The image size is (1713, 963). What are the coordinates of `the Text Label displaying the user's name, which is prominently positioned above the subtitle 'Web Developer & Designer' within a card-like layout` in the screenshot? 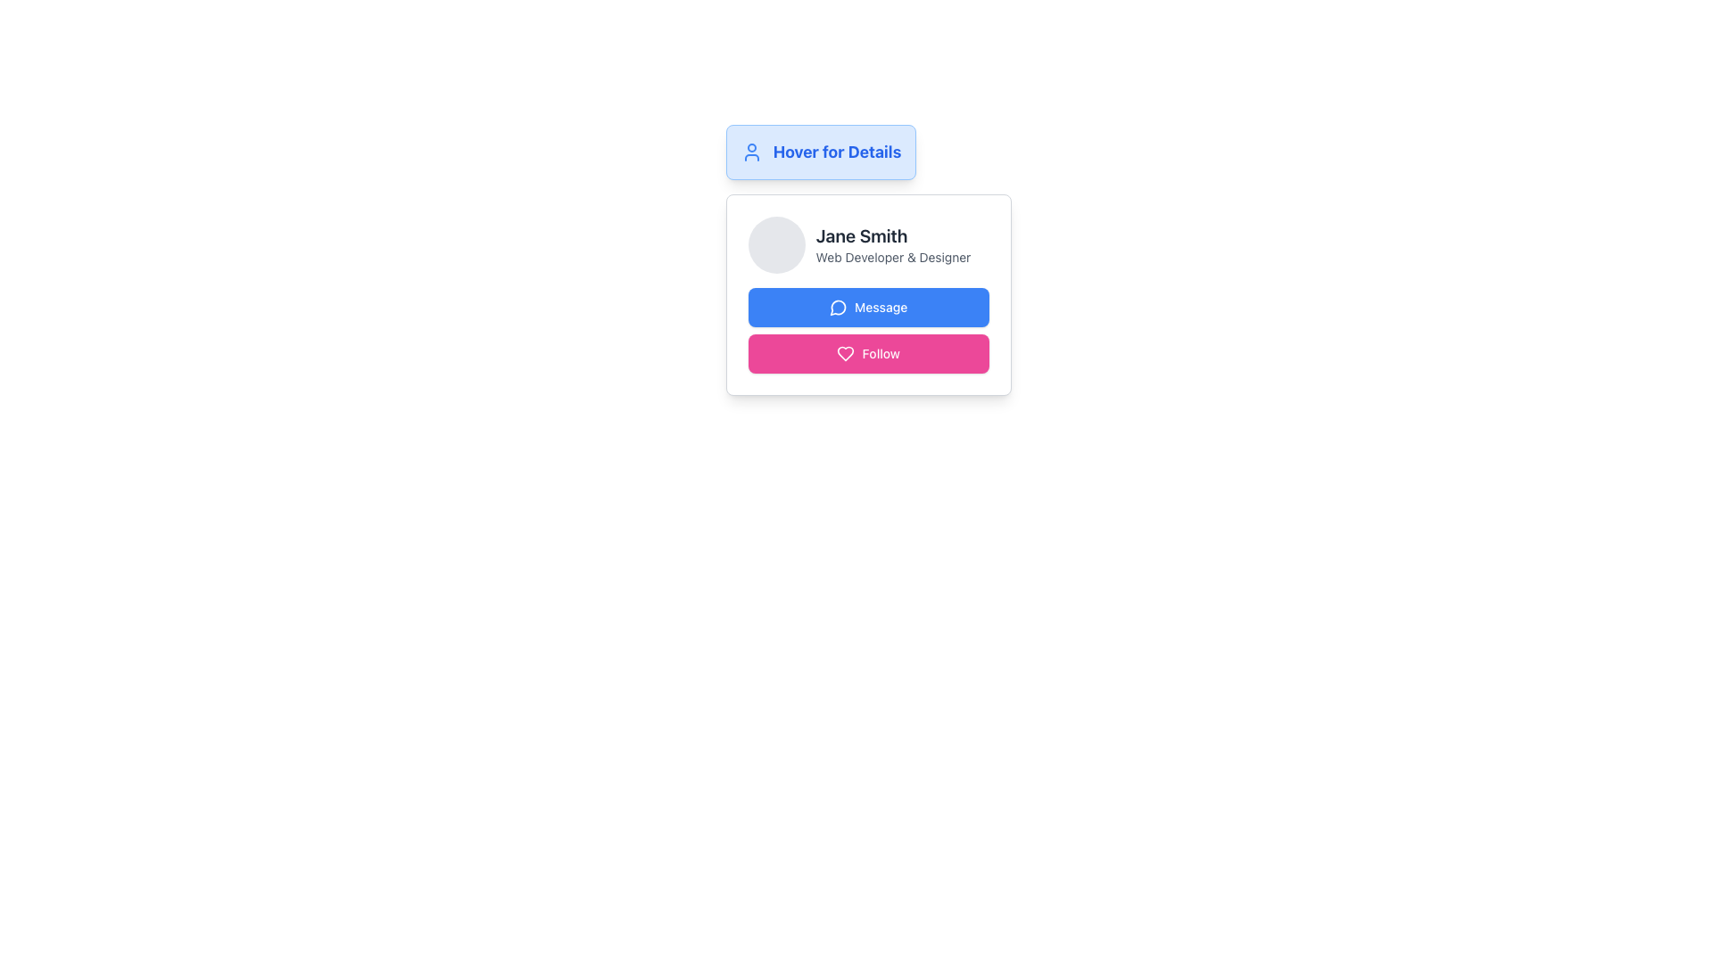 It's located at (893, 235).